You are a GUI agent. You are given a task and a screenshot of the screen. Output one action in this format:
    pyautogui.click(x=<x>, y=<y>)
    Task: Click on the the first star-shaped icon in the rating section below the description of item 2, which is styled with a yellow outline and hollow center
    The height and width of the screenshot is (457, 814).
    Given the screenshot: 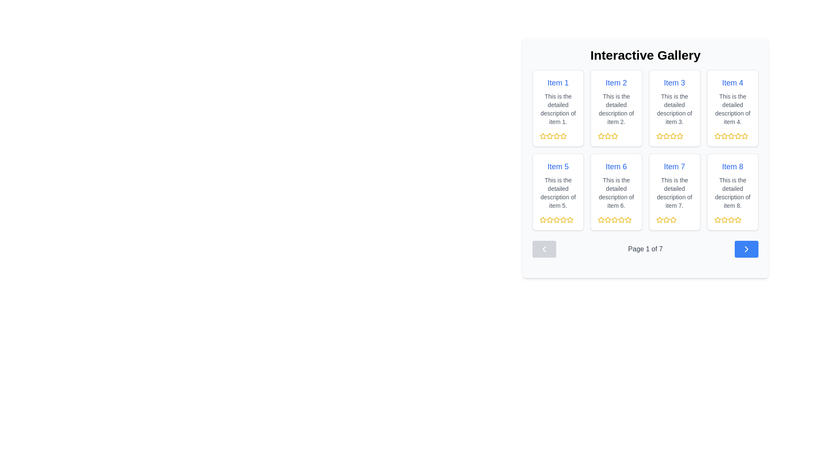 What is the action you would take?
    pyautogui.click(x=601, y=135)
    